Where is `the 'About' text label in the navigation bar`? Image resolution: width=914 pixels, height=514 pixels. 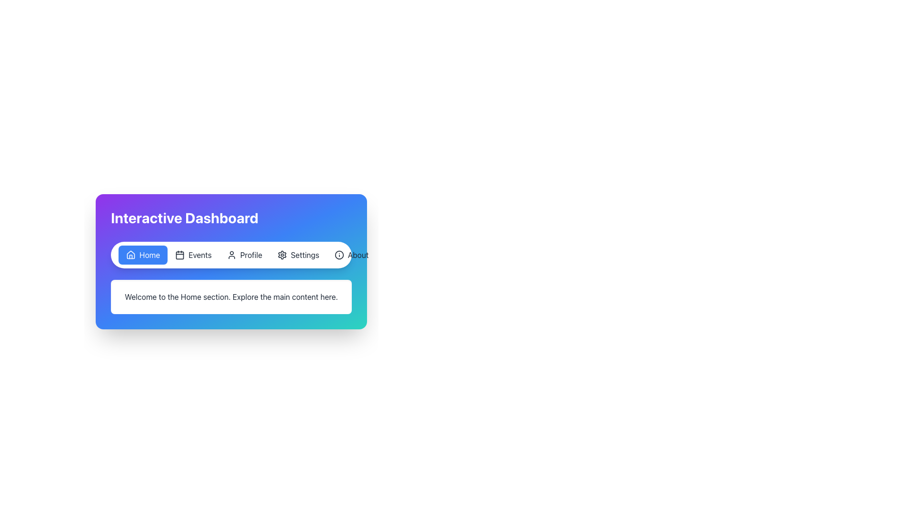 the 'About' text label in the navigation bar is located at coordinates (358, 255).